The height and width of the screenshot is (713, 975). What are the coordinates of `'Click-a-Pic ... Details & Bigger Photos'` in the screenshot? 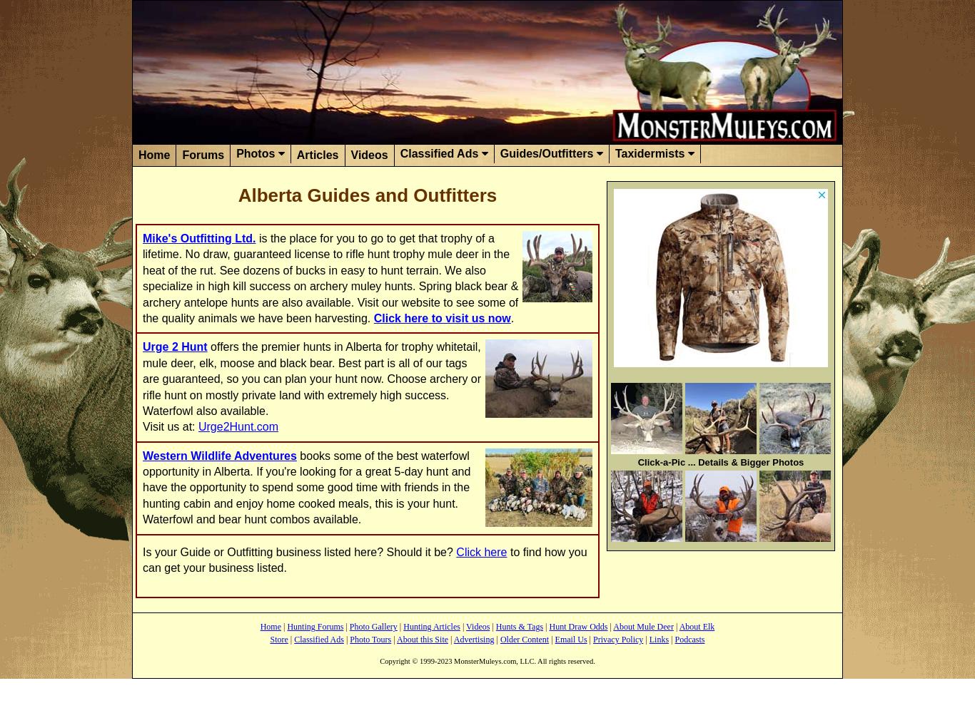 It's located at (720, 461).